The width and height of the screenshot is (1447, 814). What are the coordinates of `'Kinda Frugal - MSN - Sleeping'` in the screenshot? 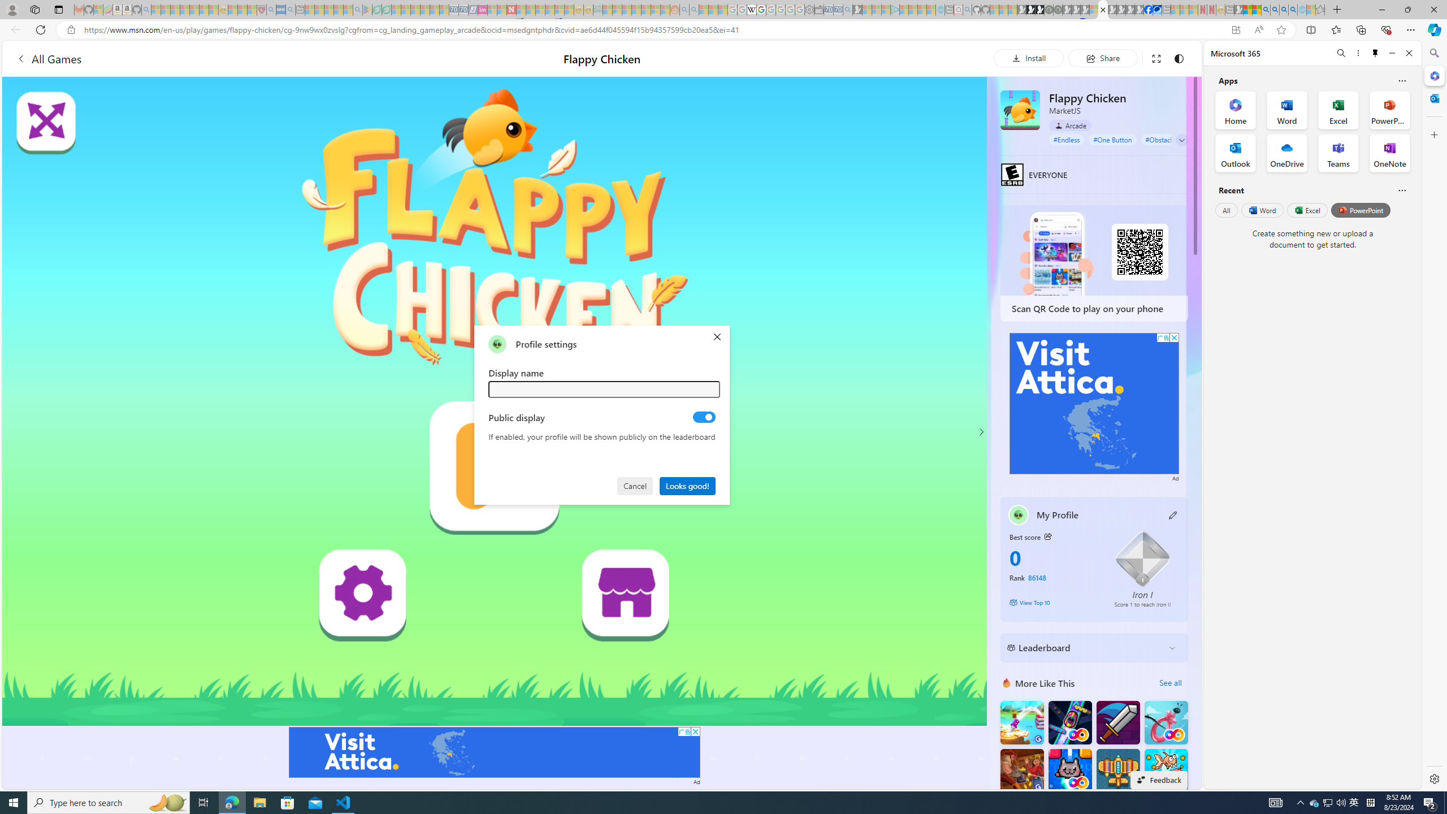 It's located at (645, 9).